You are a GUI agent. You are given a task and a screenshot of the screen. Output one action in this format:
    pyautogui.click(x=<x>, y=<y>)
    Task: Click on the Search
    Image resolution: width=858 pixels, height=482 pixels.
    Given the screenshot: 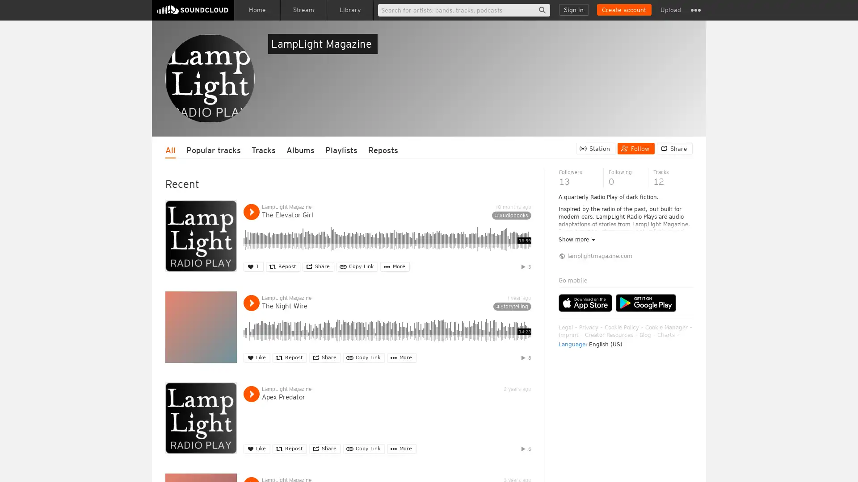 What is the action you would take?
    pyautogui.click(x=542, y=10)
    